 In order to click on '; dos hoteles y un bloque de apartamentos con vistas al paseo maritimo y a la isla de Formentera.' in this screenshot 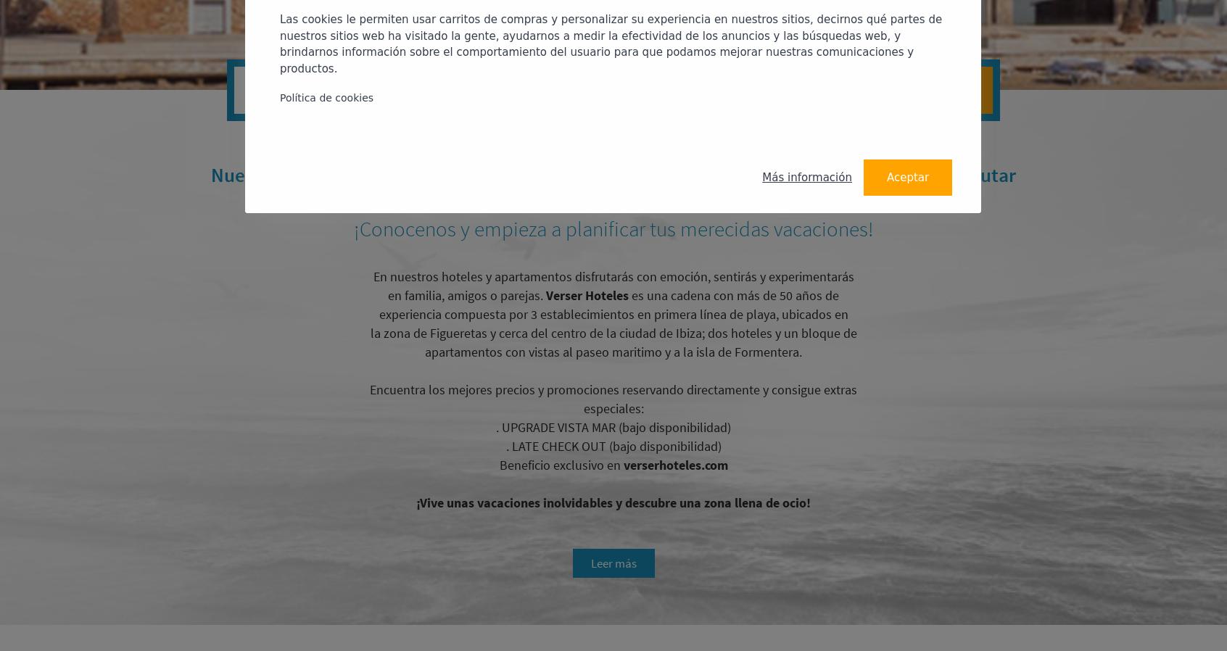, I will do `click(424, 341)`.